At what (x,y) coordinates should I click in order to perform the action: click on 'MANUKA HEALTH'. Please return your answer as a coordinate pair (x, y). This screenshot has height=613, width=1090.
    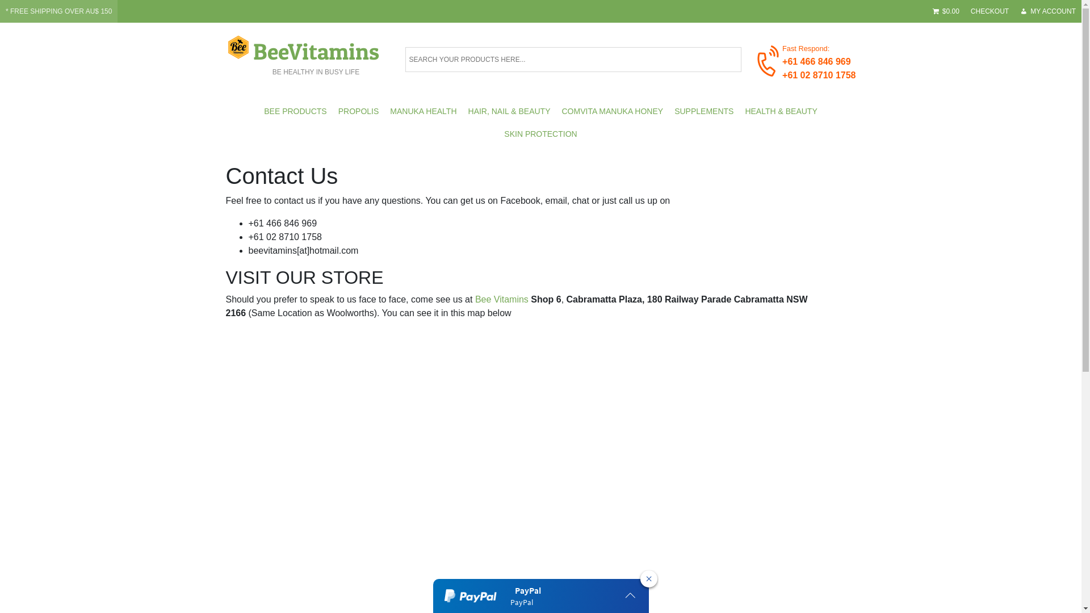
    Looking at the image, I should click on (422, 111).